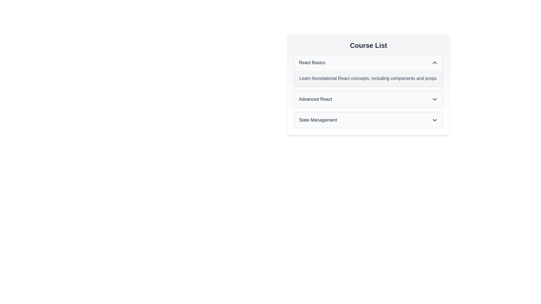 The height and width of the screenshot is (304, 541). Describe the element at coordinates (315, 99) in the screenshot. I see `the 'Advanced React' text label` at that location.